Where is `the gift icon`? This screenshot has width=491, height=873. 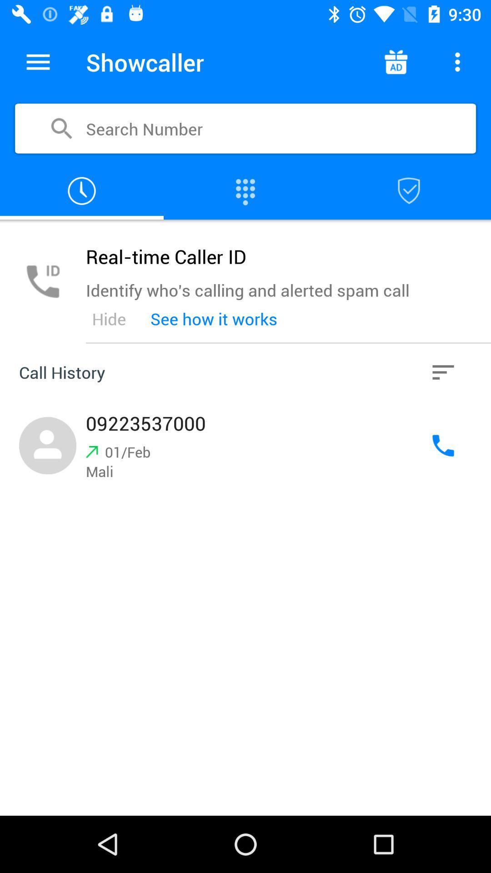
the gift icon is located at coordinates (395, 61).